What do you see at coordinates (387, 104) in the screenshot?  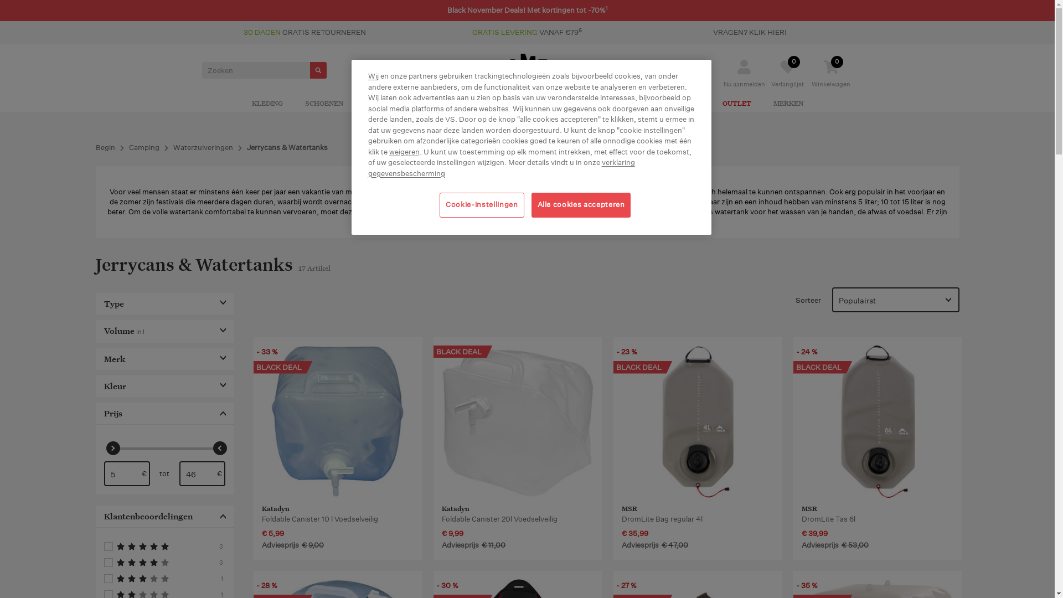 I see `'UITRUSTING'` at bounding box center [387, 104].